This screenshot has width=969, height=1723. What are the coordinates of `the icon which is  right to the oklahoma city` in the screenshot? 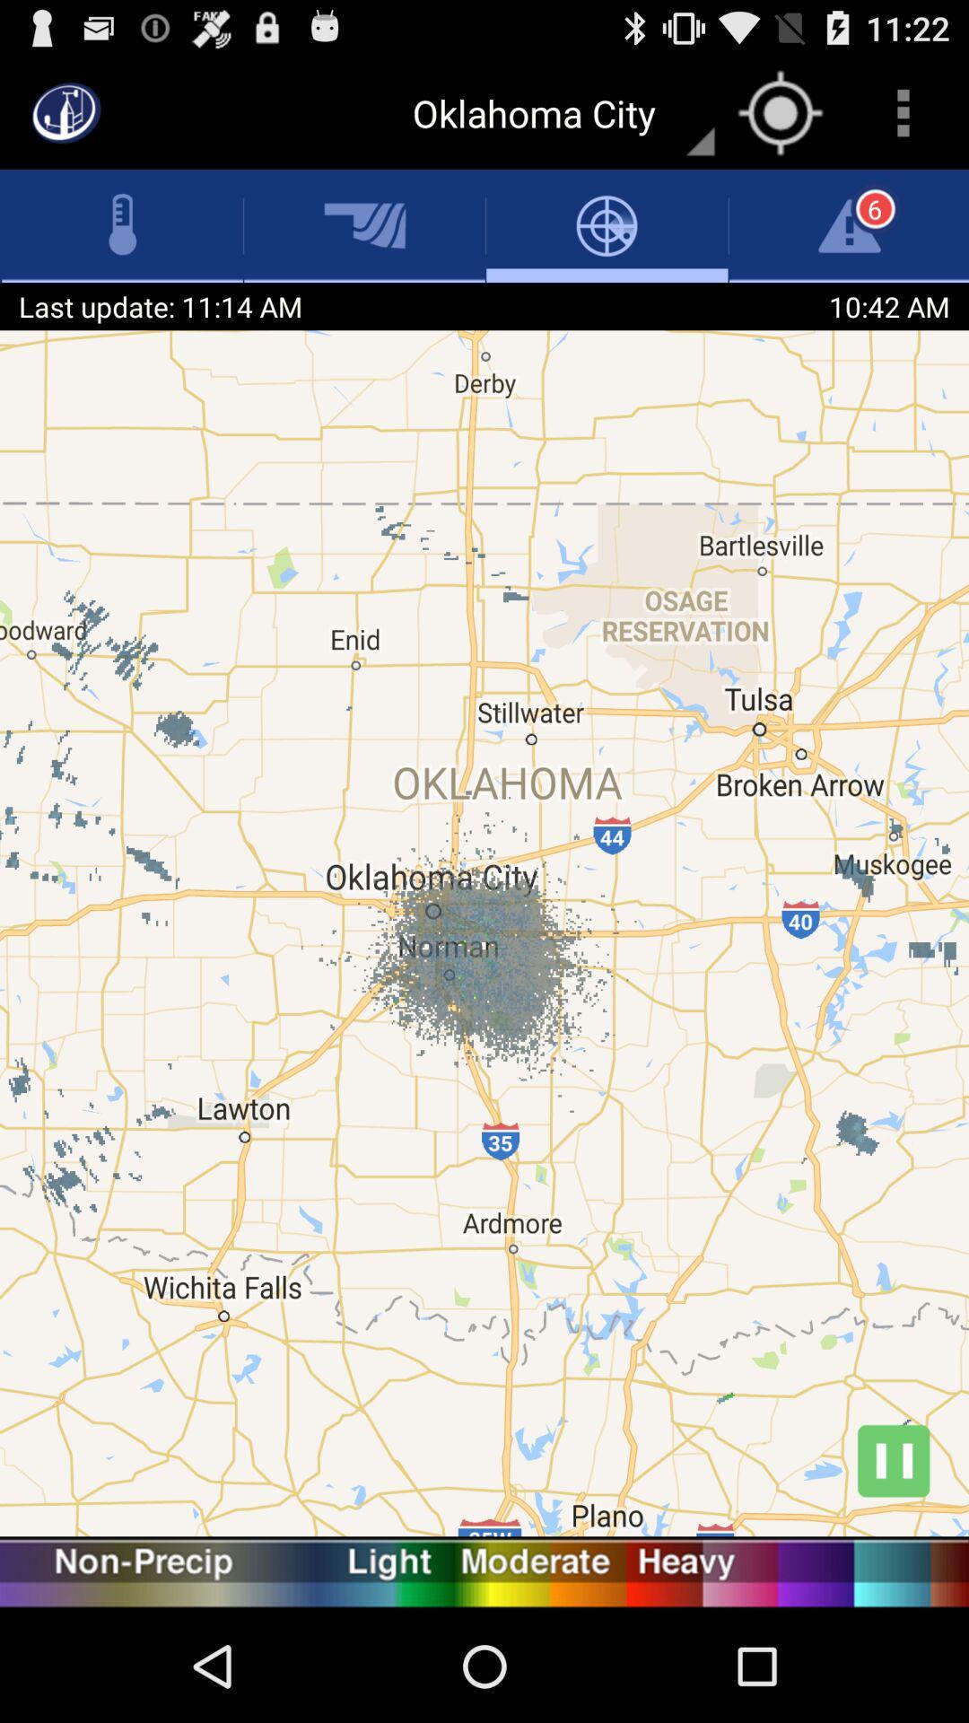 It's located at (780, 111).